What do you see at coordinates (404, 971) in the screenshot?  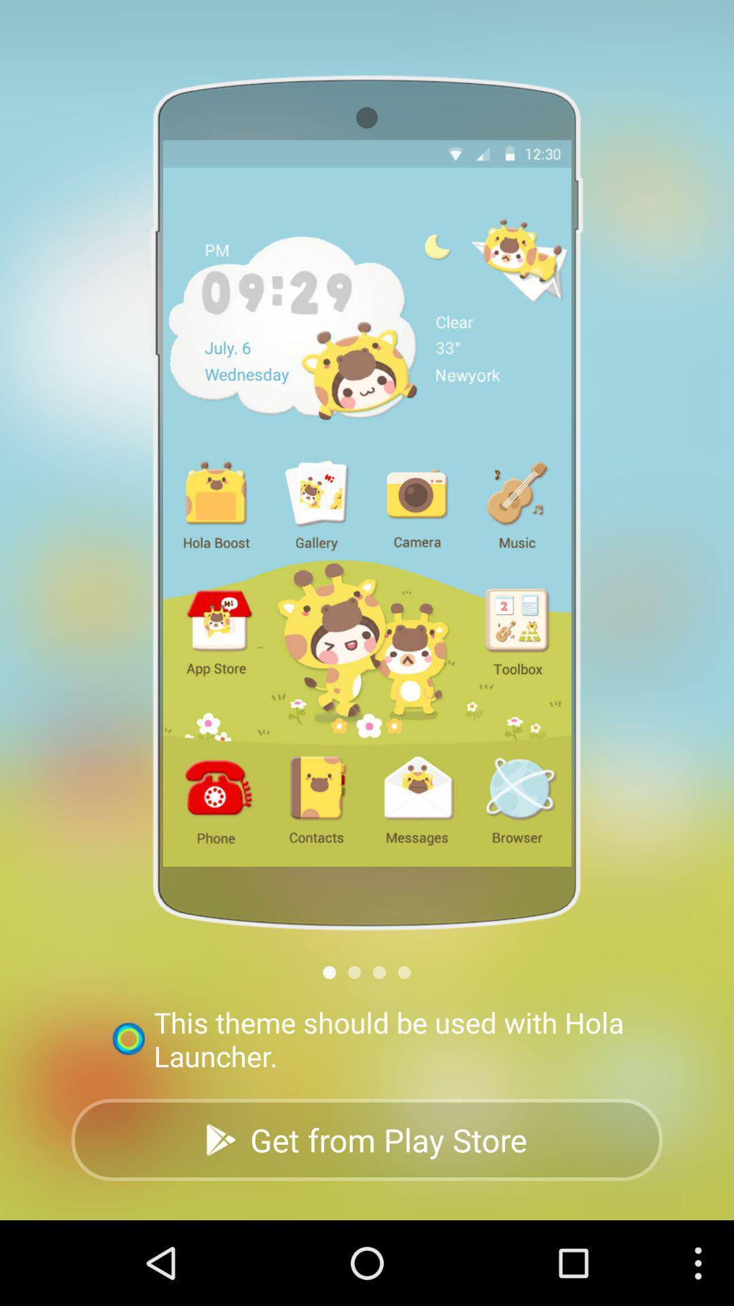 I see `fourth option` at bounding box center [404, 971].